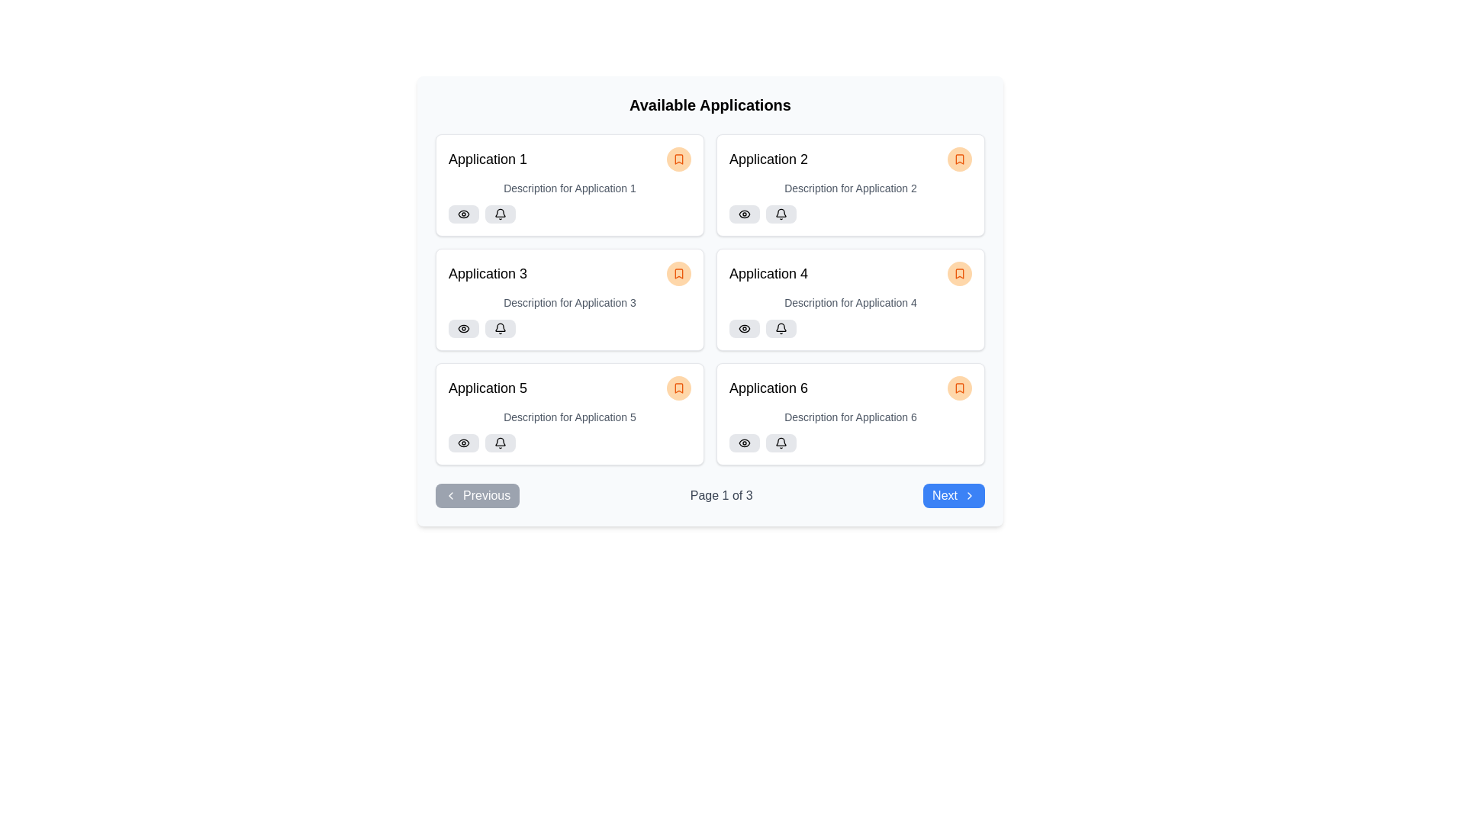 The width and height of the screenshot is (1465, 824). Describe the element at coordinates (781, 443) in the screenshot. I see `the second button in the horizontal set of interactive components within the Application 6 card` at that location.